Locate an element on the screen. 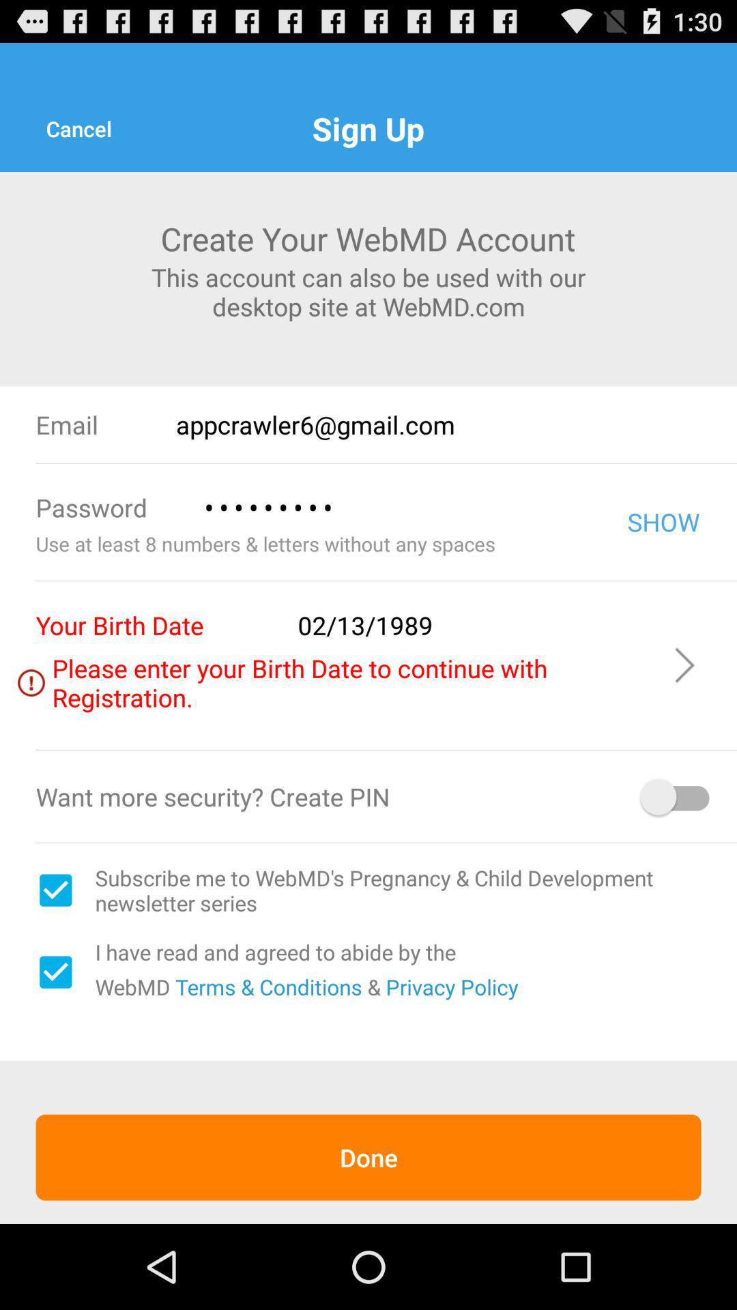 This screenshot has width=737, height=1310. 02/13/1989 is located at coordinates (475, 624).